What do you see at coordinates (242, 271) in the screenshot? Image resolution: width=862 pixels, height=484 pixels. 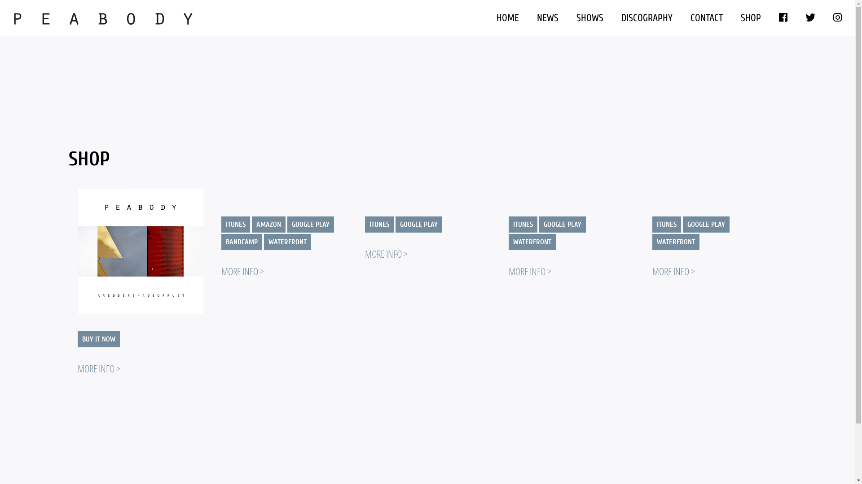 I see `'MORE INFO >'` at bounding box center [242, 271].